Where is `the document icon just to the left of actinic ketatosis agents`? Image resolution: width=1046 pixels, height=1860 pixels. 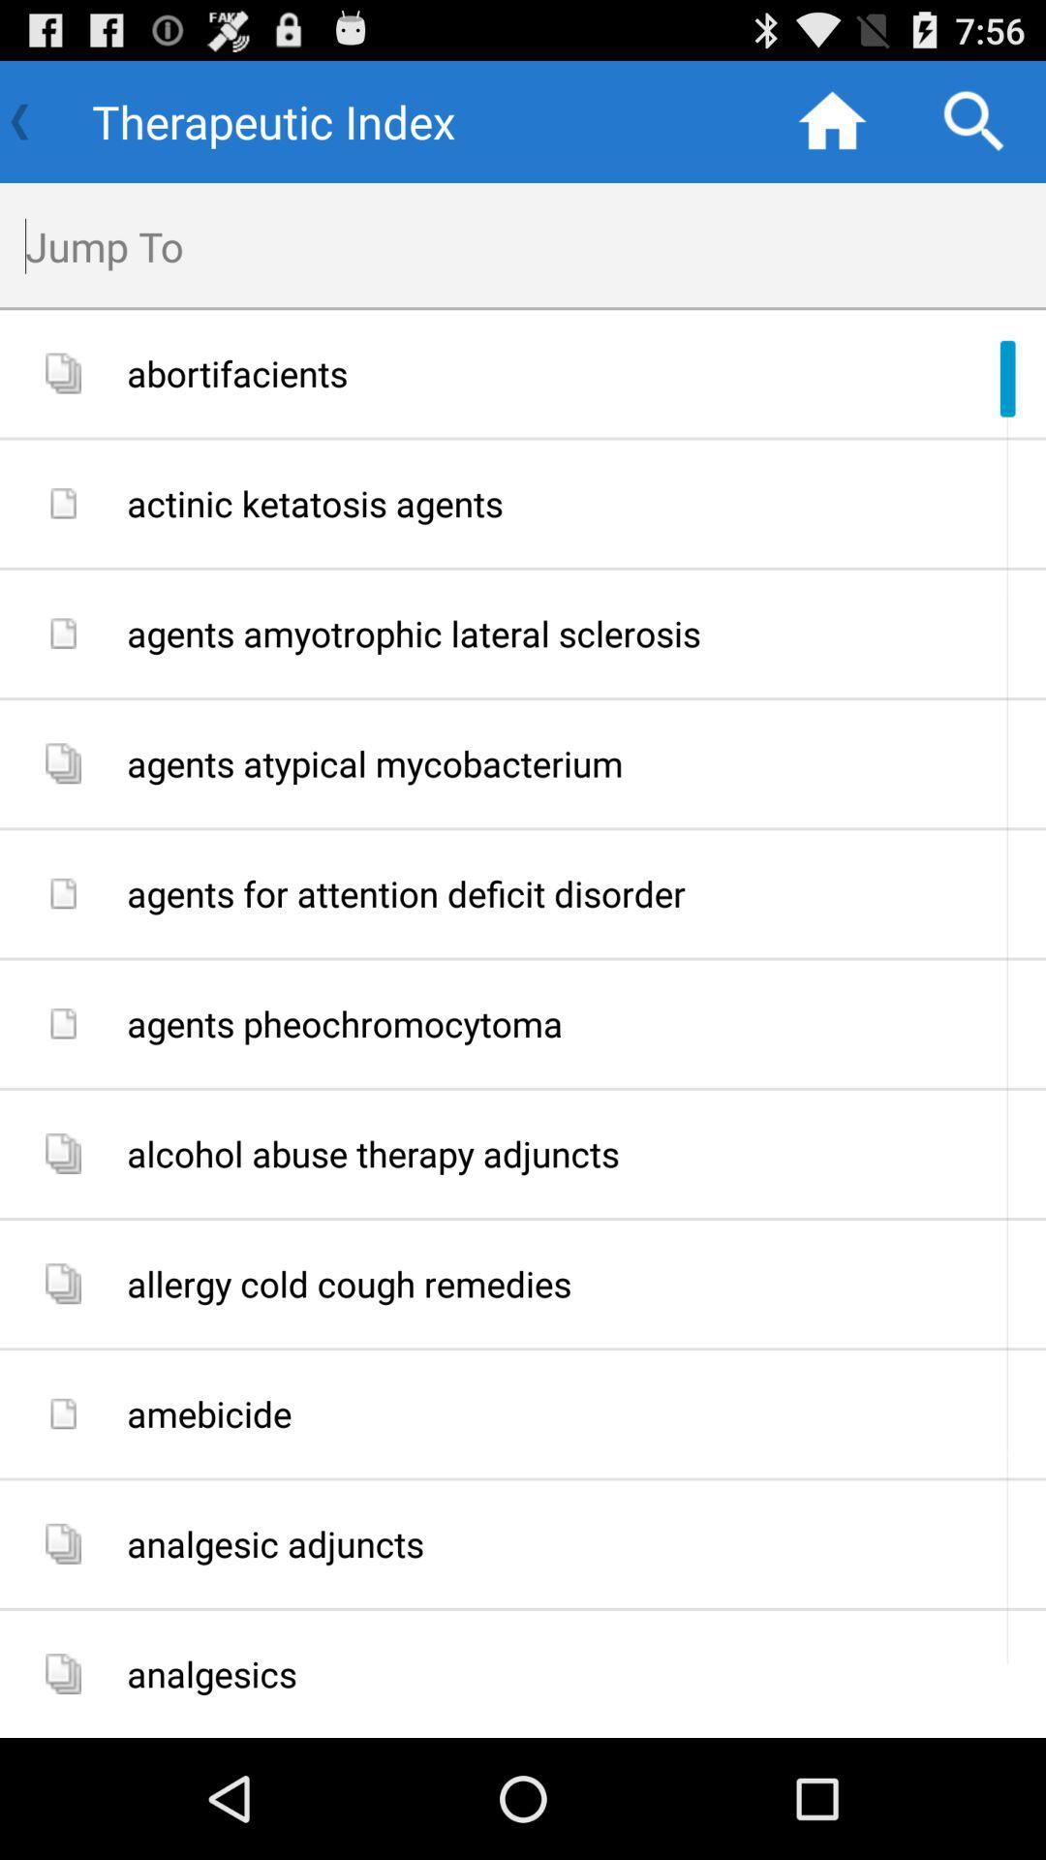
the document icon just to the left of actinic ketatosis agents is located at coordinates (62, 503).